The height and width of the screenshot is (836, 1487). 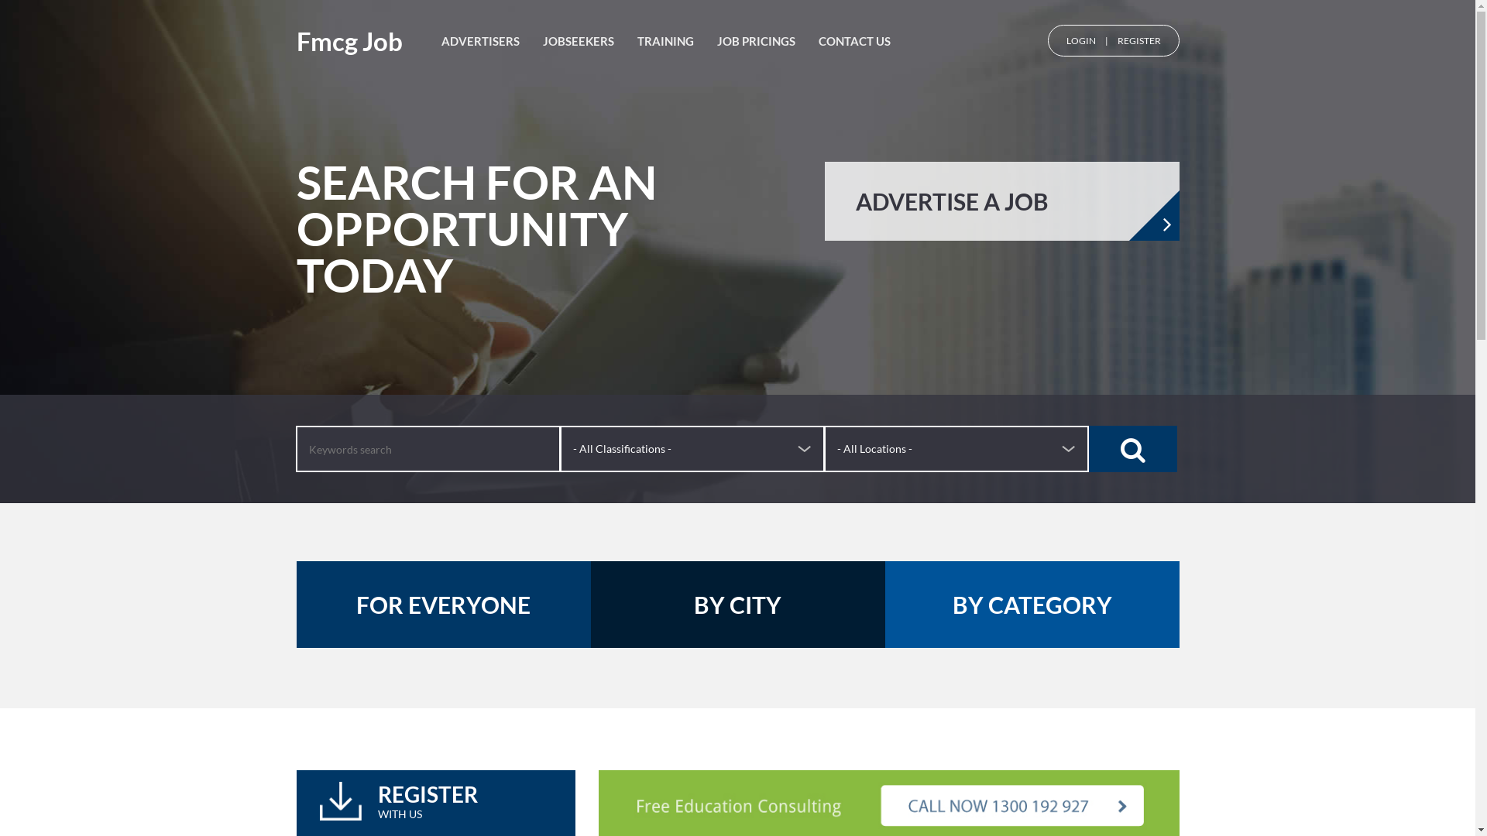 What do you see at coordinates (716, 40) in the screenshot?
I see `'JOB PRICINGS'` at bounding box center [716, 40].